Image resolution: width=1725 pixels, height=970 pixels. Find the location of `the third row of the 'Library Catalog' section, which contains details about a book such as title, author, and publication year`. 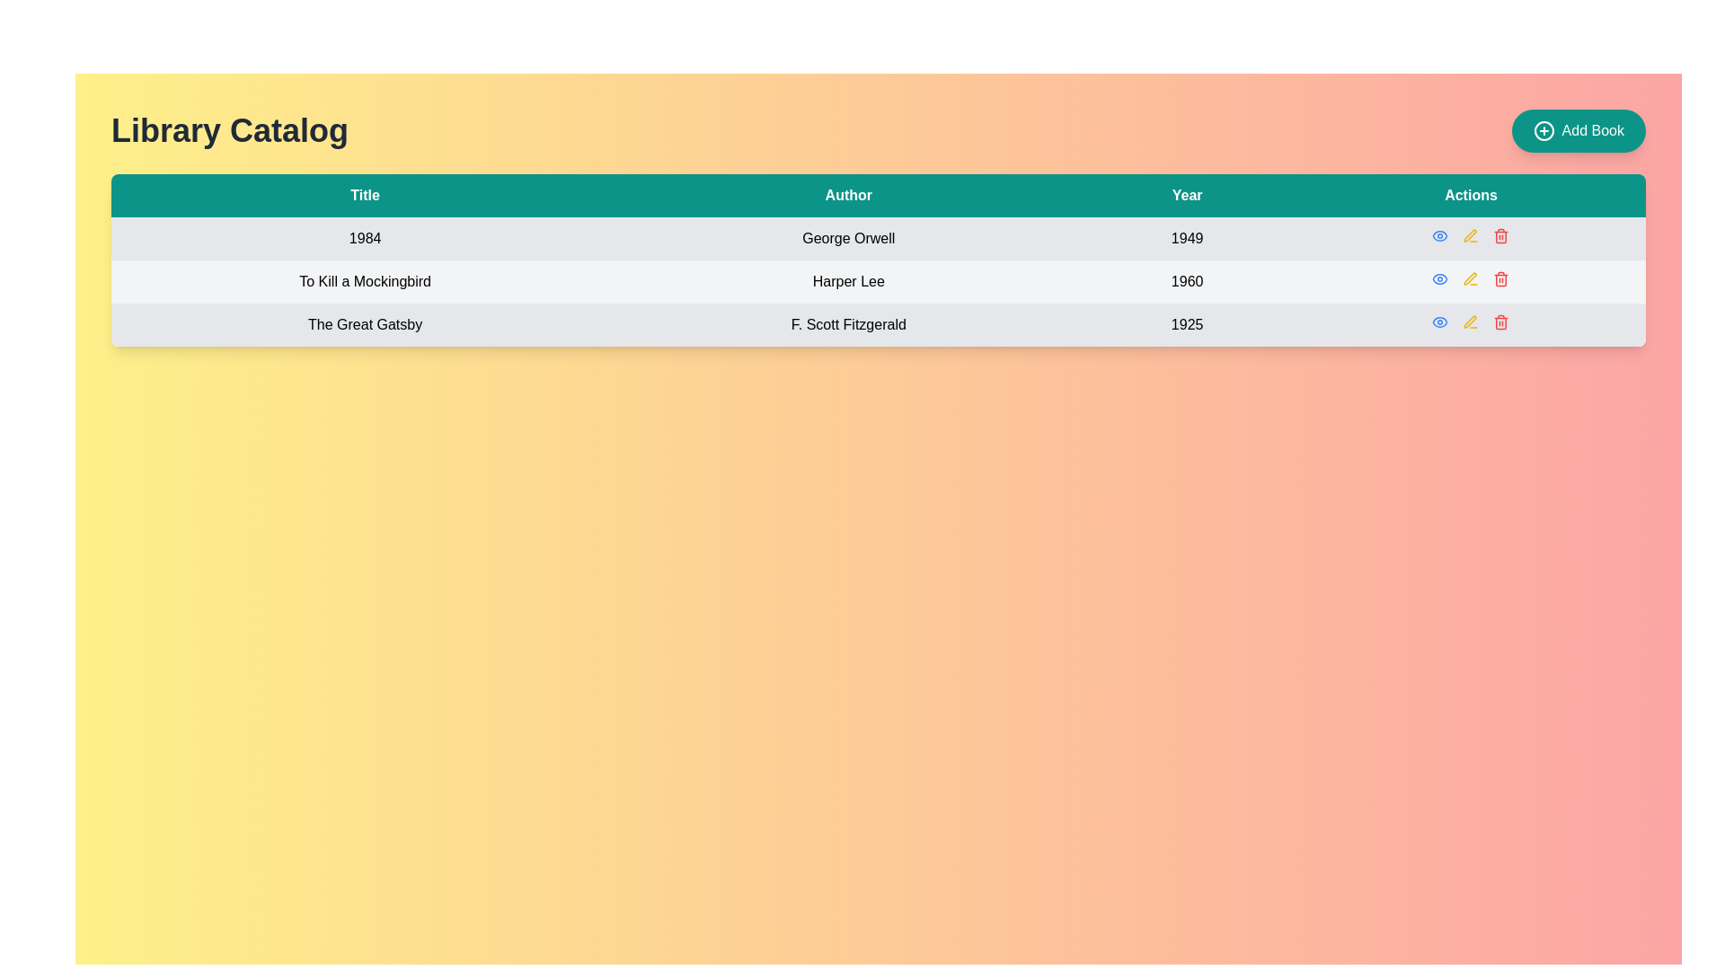

the third row of the 'Library Catalog' section, which contains details about a book such as title, author, and publication year is located at coordinates (879, 325).